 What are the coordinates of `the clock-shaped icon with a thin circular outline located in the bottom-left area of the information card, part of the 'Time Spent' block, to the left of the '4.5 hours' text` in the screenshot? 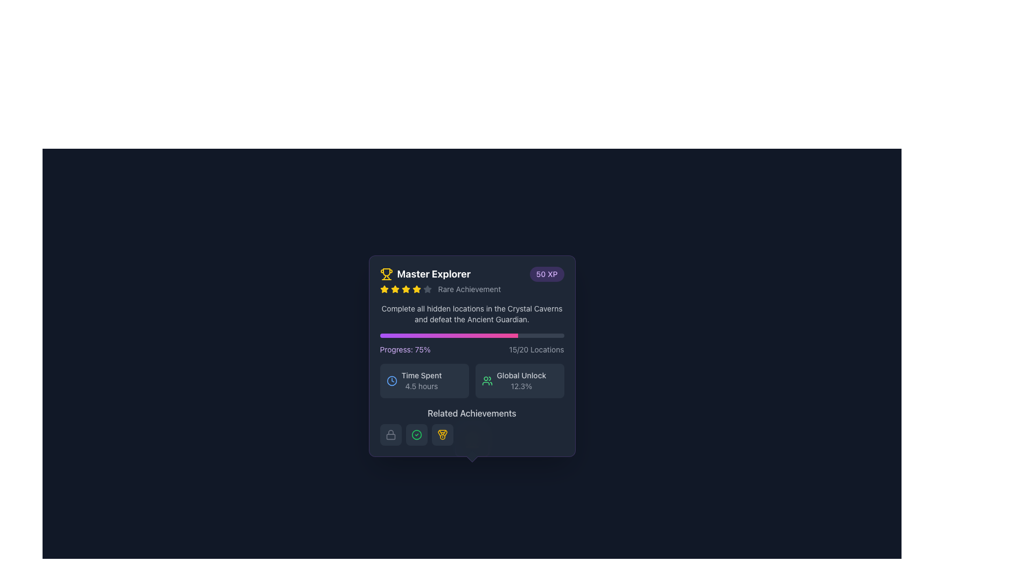 It's located at (391, 380).